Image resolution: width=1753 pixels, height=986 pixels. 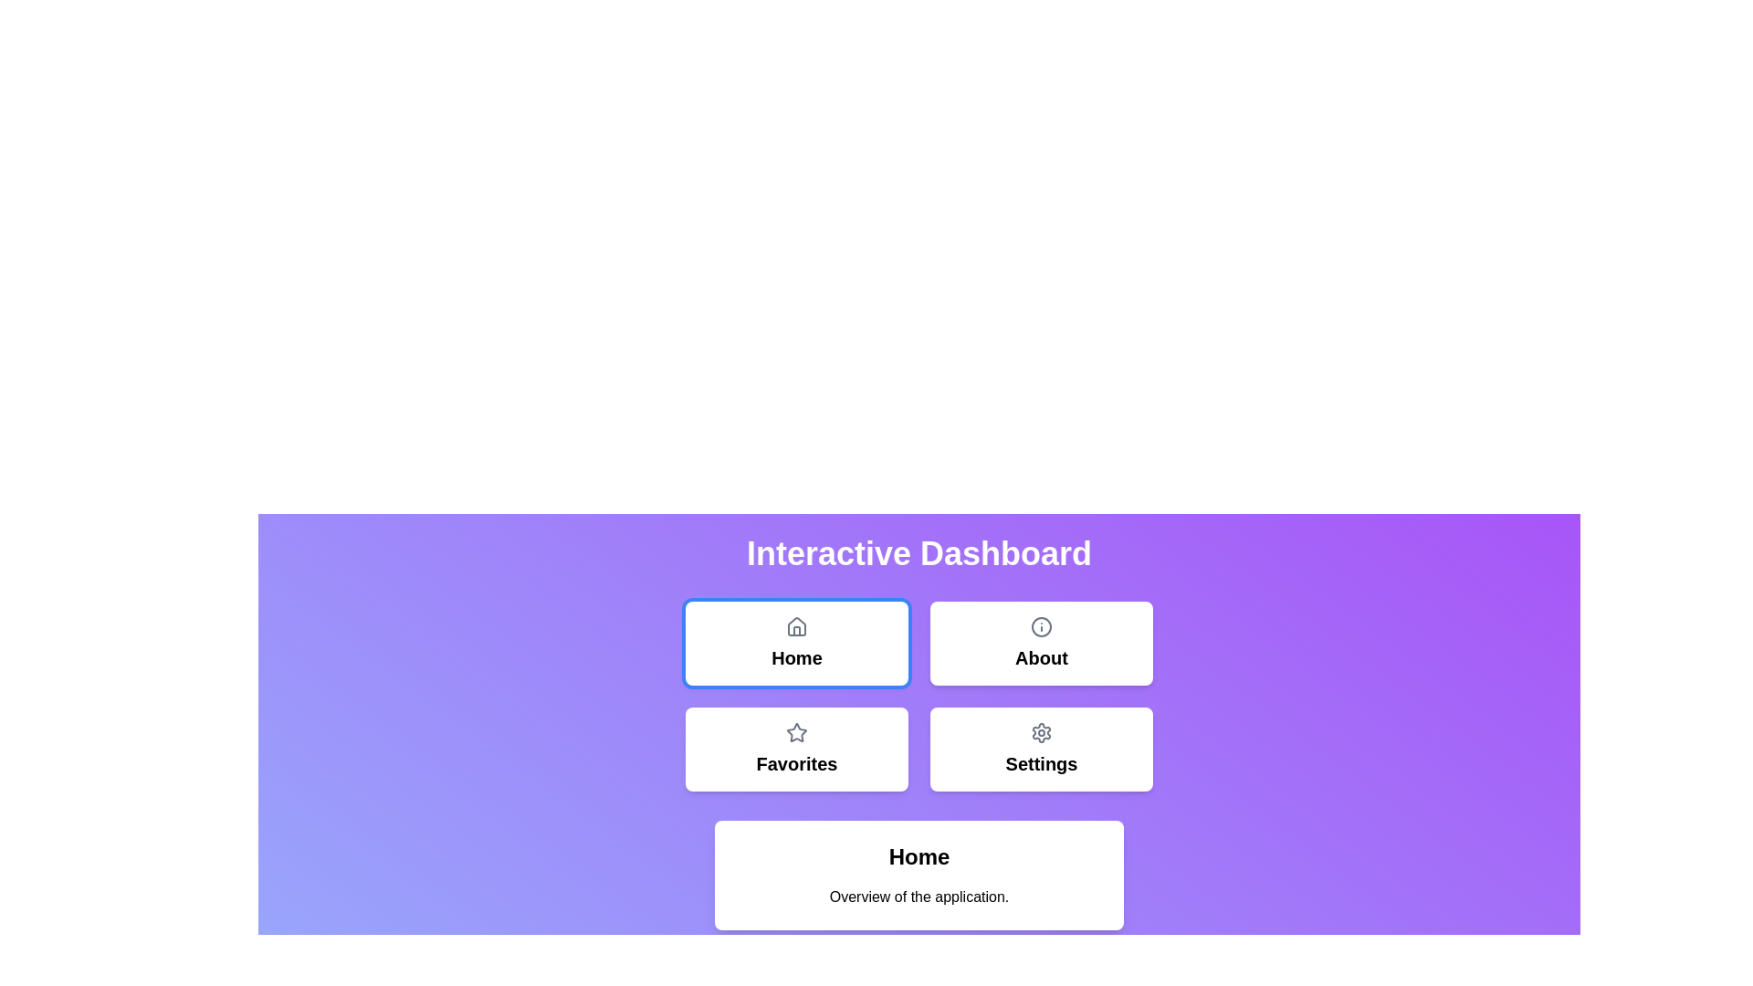 What do you see at coordinates (1042, 643) in the screenshot?
I see `the About button to select it` at bounding box center [1042, 643].